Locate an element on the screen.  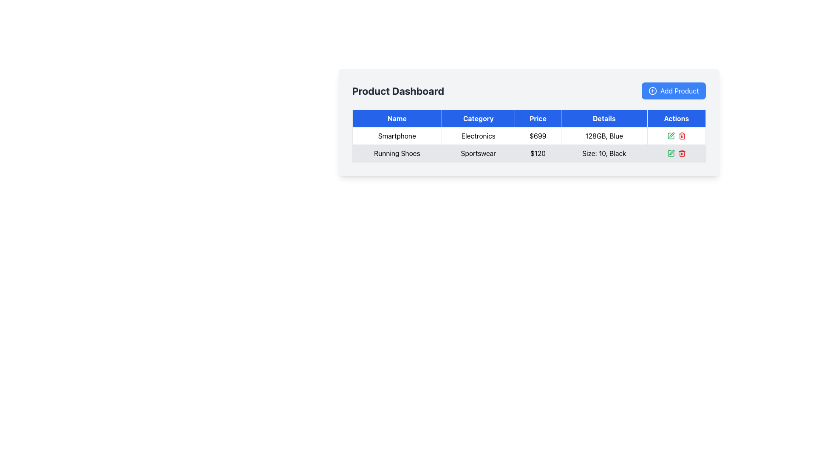
text content of the label displaying '128GB, Blue' located in the 'Details' column of the first row of the table is located at coordinates (603, 136).